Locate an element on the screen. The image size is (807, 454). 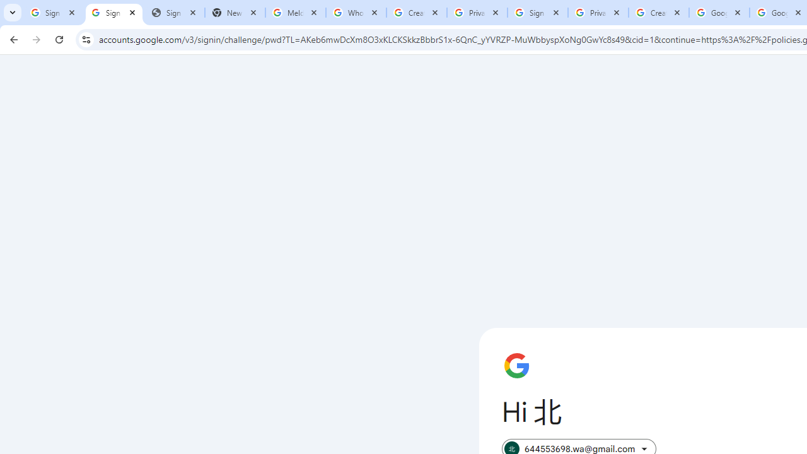
'New Tab' is located at coordinates (235, 13).